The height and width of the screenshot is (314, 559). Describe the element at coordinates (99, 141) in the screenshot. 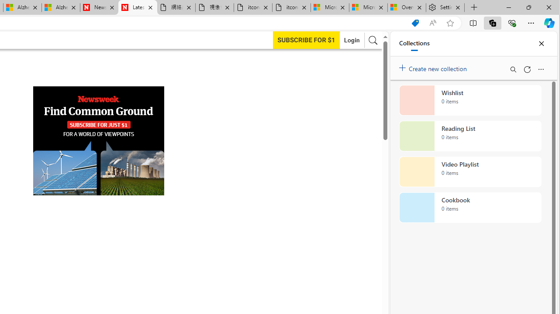

I see `'AutomationID: aw0'` at that location.